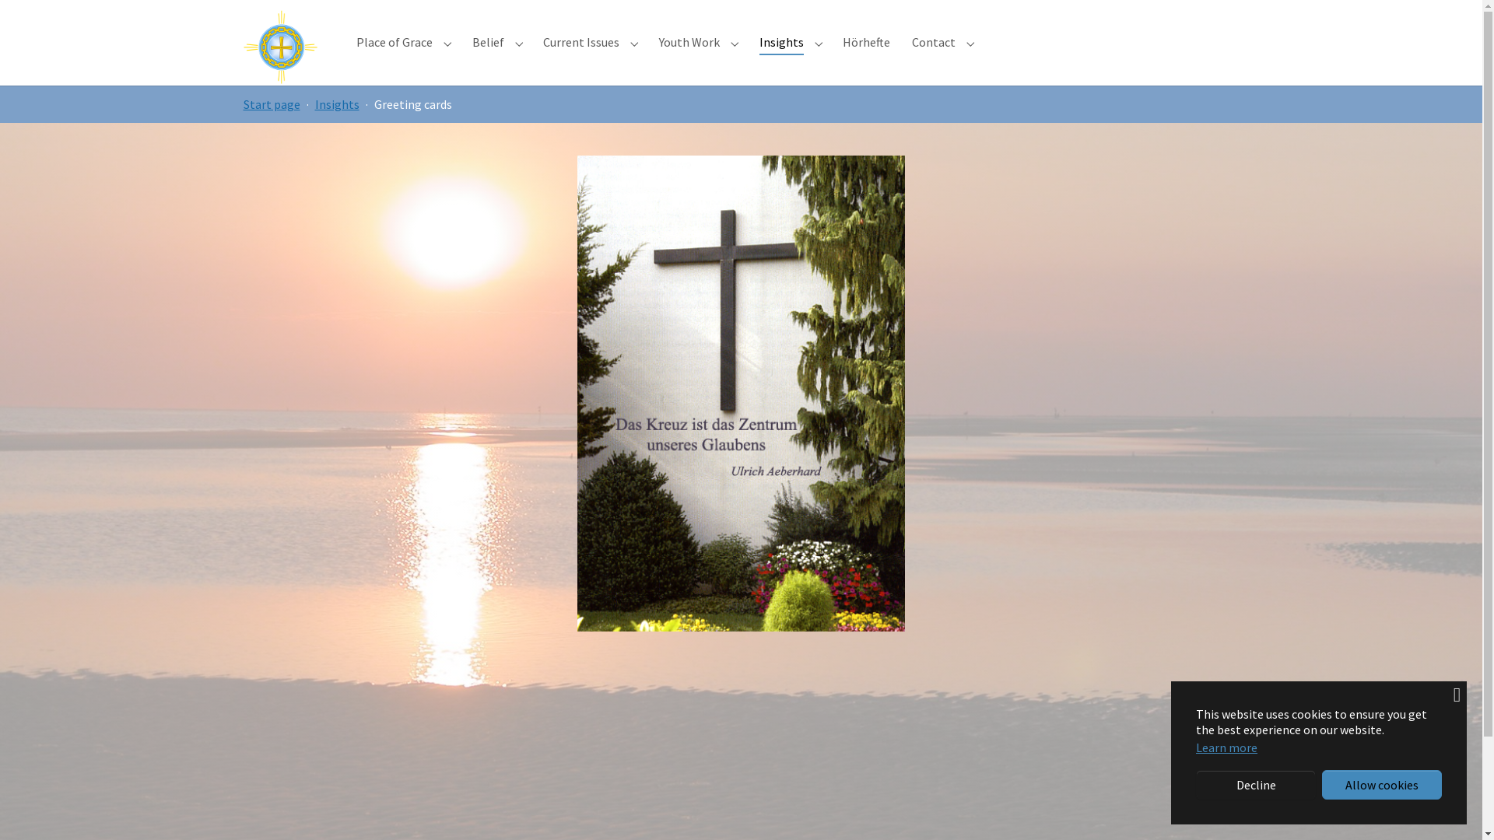  Describe the element at coordinates (271, 104) in the screenshot. I see `'Start page'` at that location.